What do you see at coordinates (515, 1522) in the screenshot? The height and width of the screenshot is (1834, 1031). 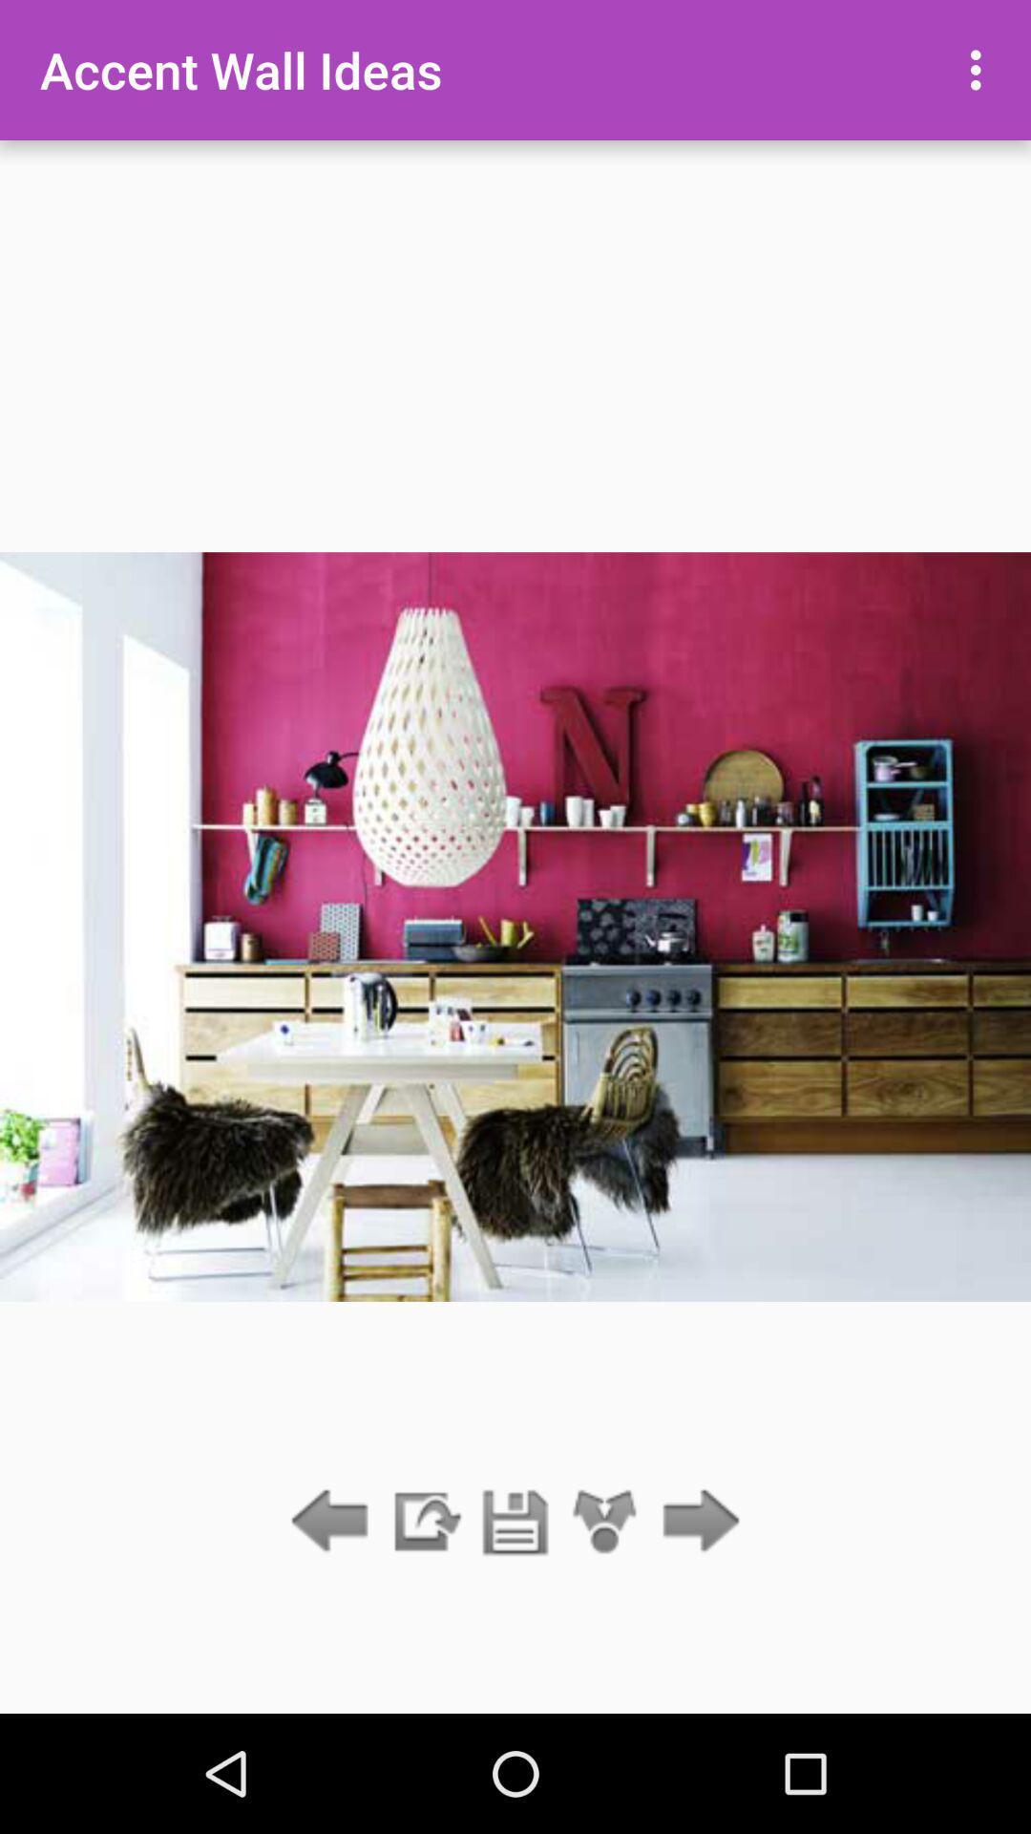 I see `the image` at bounding box center [515, 1522].